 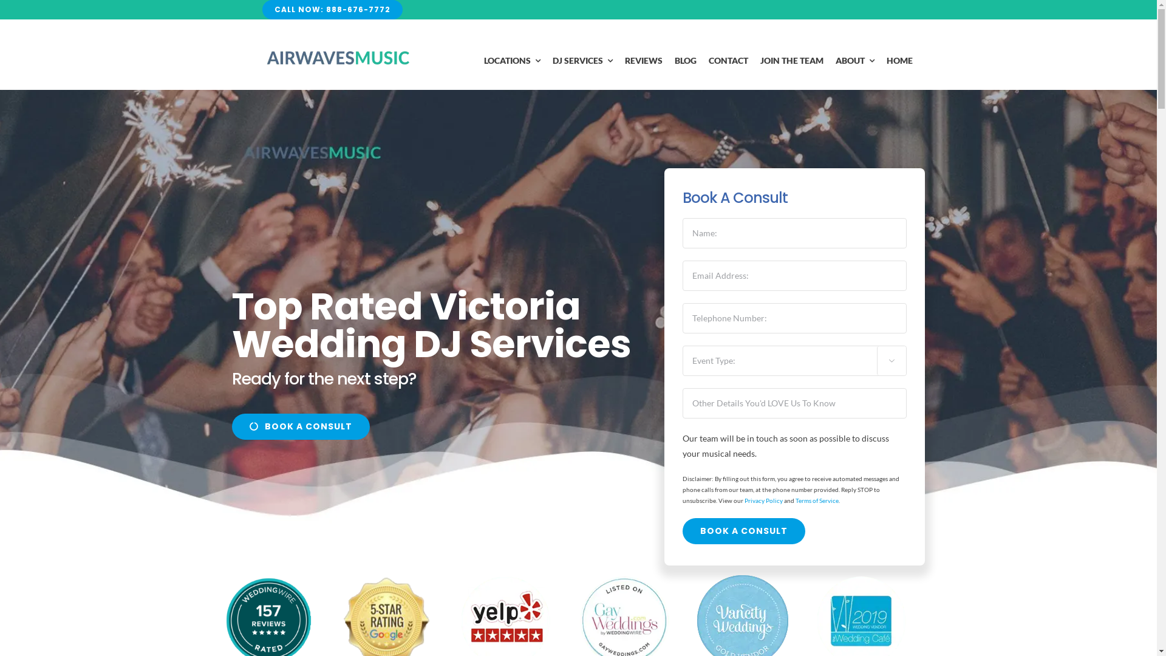 What do you see at coordinates (792, 61) in the screenshot?
I see `'JOIN THE TEAM'` at bounding box center [792, 61].